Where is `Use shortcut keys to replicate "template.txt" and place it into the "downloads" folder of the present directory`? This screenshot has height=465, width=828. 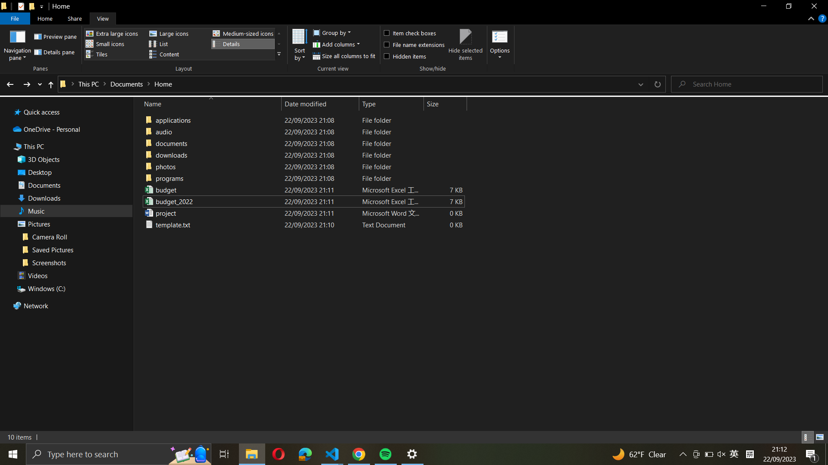
Use shortcut keys to replicate "template.txt" and place it into the "downloads" folder of the present directory is located at coordinates (302, 223).